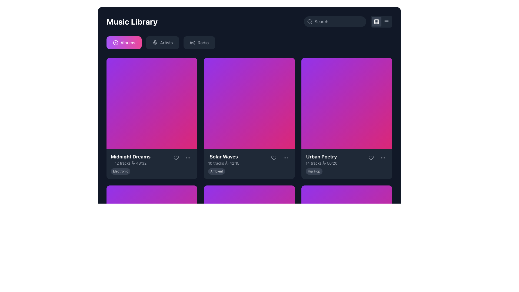 This screenshot has width=519, height=292. What do you see at coordinates (193, 42) in the screenshot?
I see `the 'Radio' button icon located in the navigation menu at the top center of the interface, which is the third button labeled 'Radio' between 'Artists' and the main content area` at bounding box center [193, 42].